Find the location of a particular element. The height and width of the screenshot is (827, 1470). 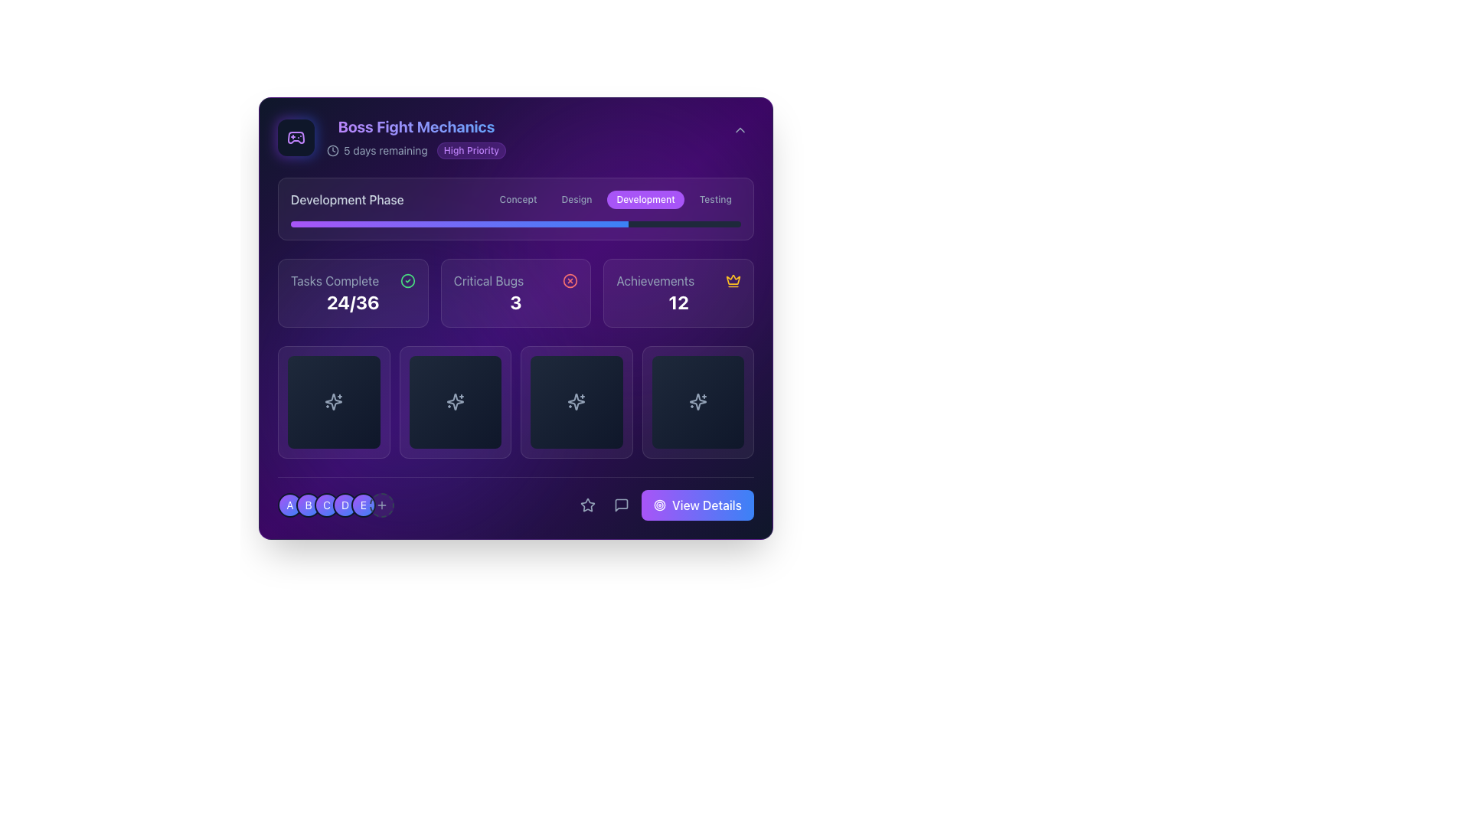

the 'Tasks Complete' text label, which displays the text in gray on a dark purple background, located in the top-left section of the information card is located at coordinates (334, 280).